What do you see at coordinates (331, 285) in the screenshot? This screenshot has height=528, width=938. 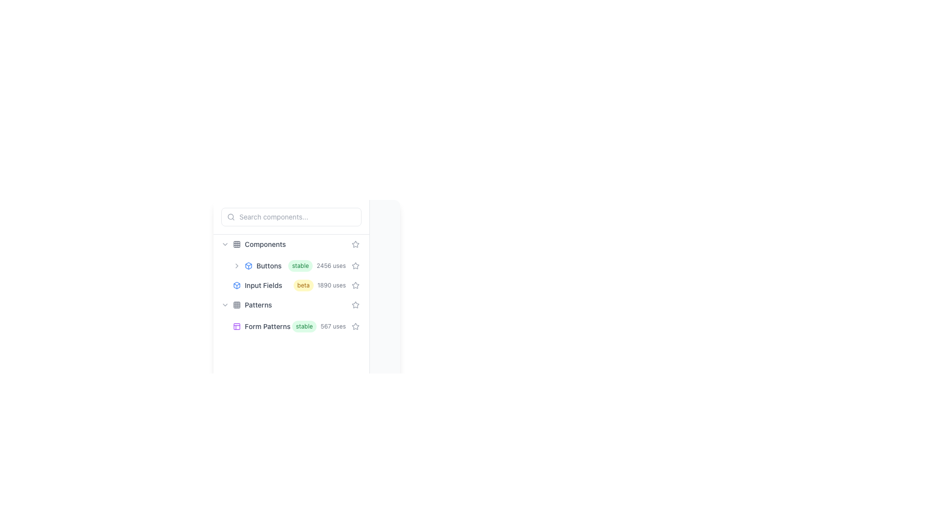 I see `the small gray text label displaying '1890 uses', located under the 'Components' section, immediately after the yellow badge labeled 'beta'` at bounding box center [331, 285].